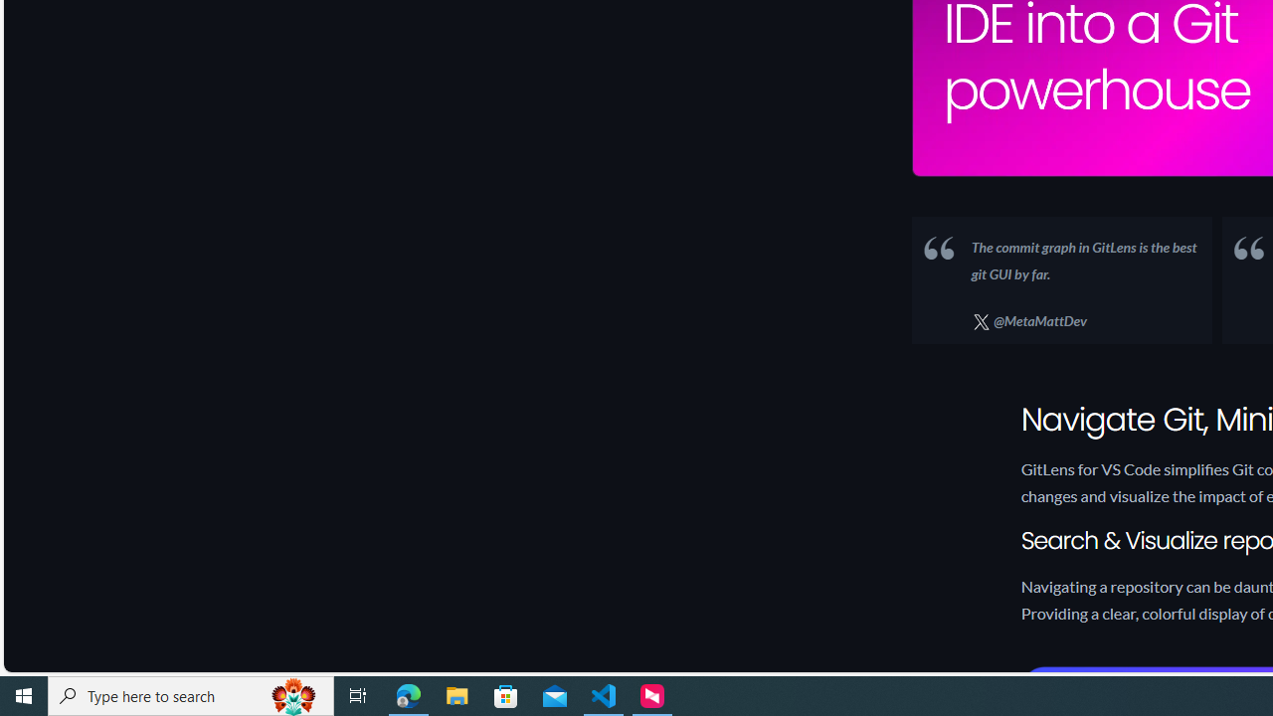 Image resolution: width=1273 pixels, height=716 pixels. I want to click on 'Search highlights icon opens search home window', so click(292, 694).